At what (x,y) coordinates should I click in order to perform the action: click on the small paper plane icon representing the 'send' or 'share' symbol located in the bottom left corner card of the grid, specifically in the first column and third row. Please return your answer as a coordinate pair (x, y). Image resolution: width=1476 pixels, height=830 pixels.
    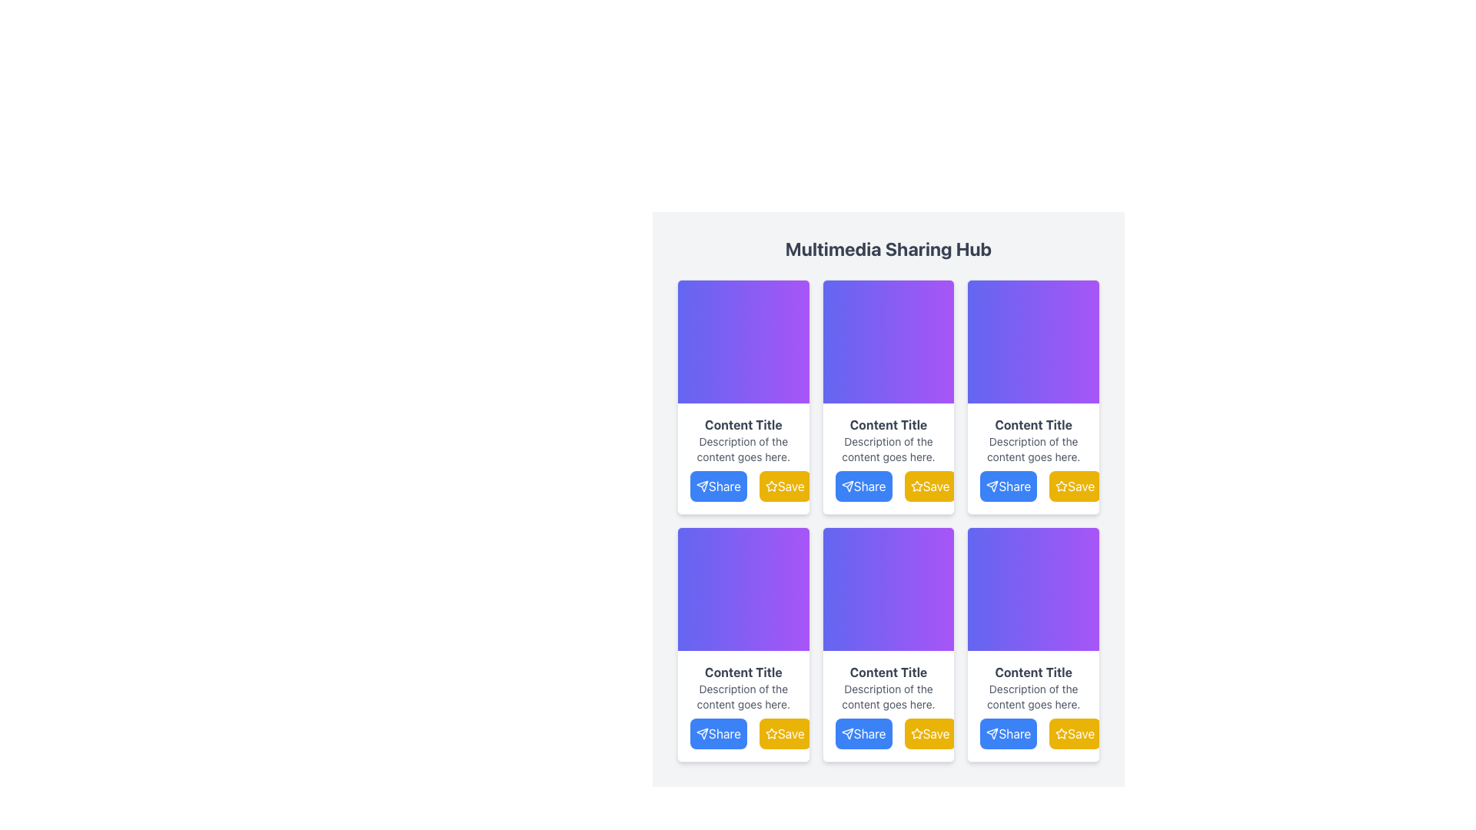
    Looking at the image, I should click on (701, 733).